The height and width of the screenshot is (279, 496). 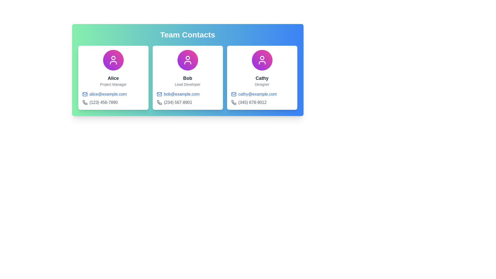 I want to click on the text label displaying the name 'Bob', which is rendered in bold font and is positioned within the middle card of a three-card layout, below a circular icon and above the text 'Lead Developer', so click(x=187, y=78).